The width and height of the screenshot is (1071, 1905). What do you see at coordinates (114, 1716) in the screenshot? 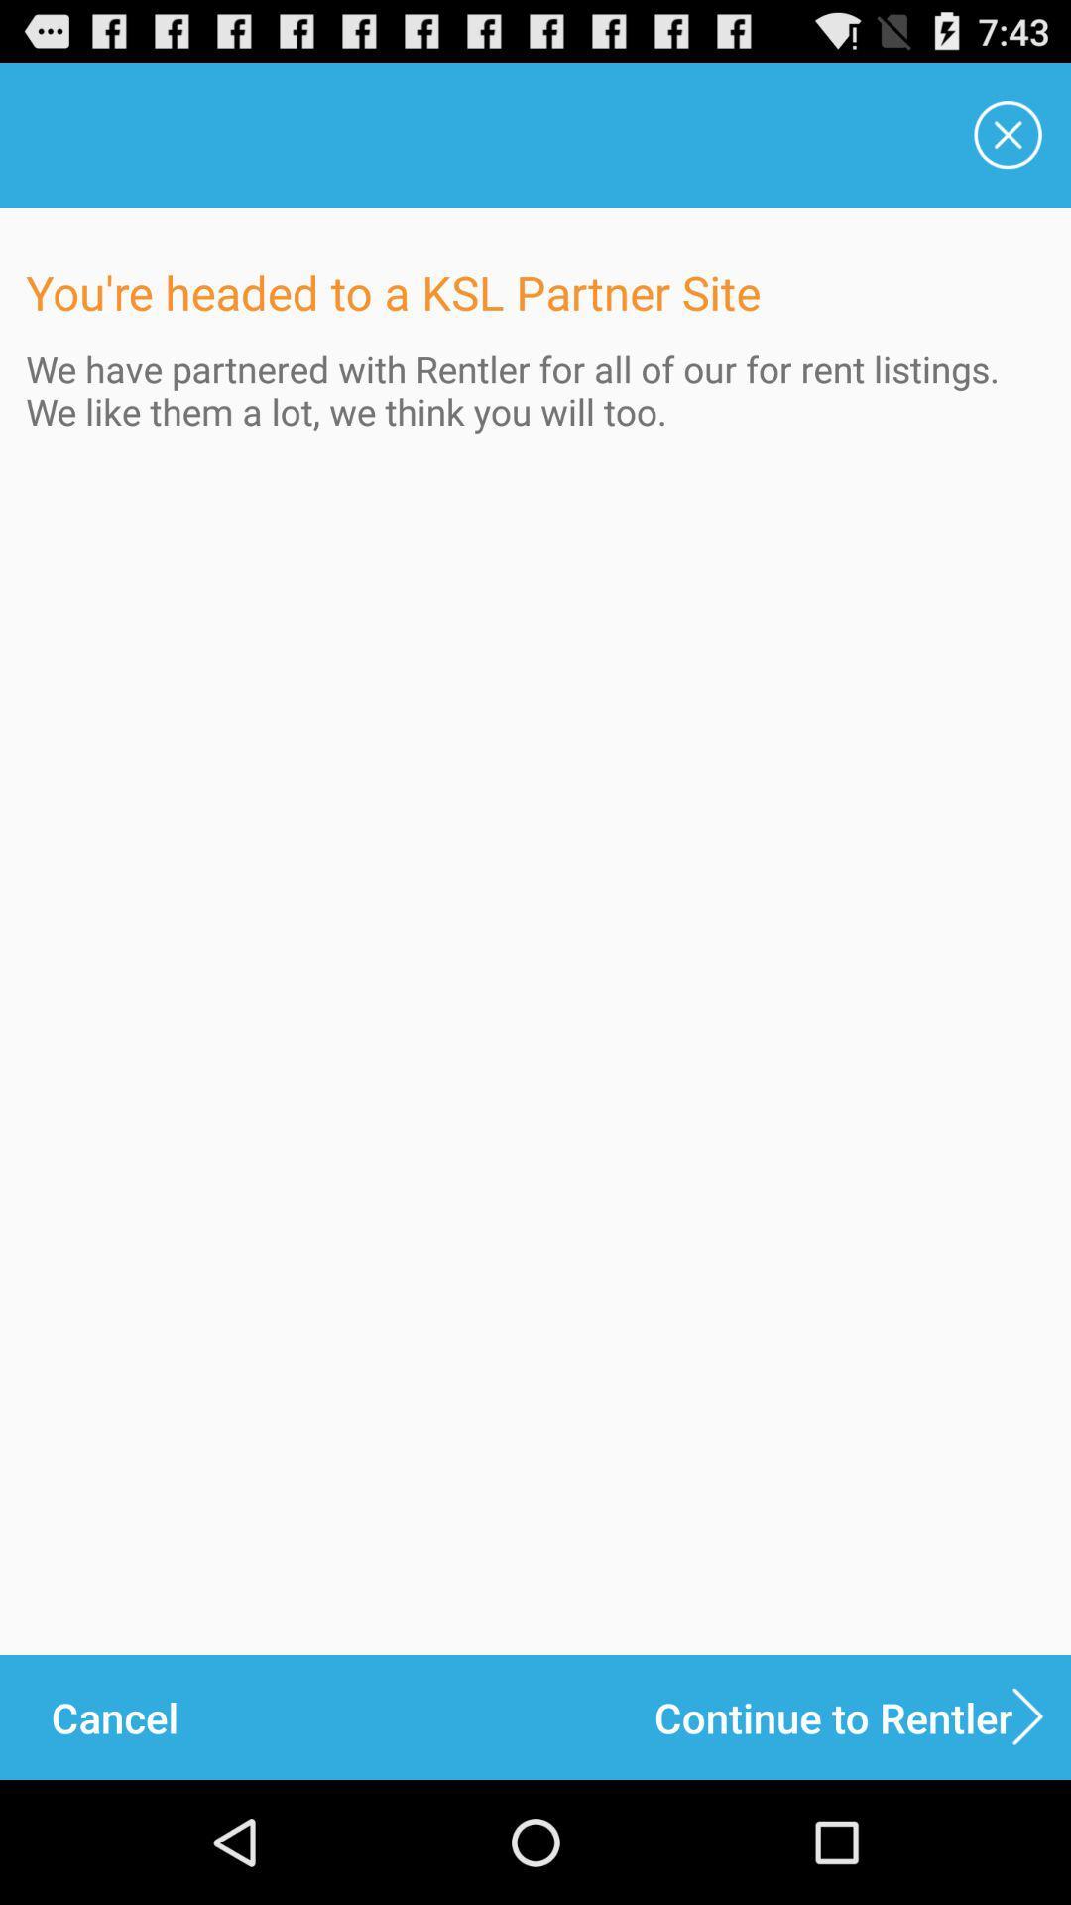
I see `cancel icon` at bounding box center [114, 1716].